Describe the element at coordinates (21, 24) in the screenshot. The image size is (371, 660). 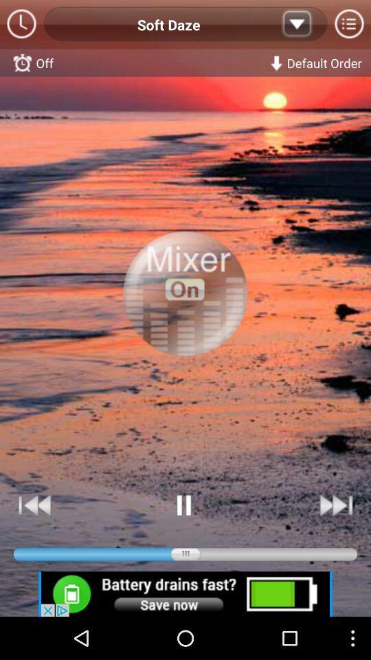
I see `clock` at that location.